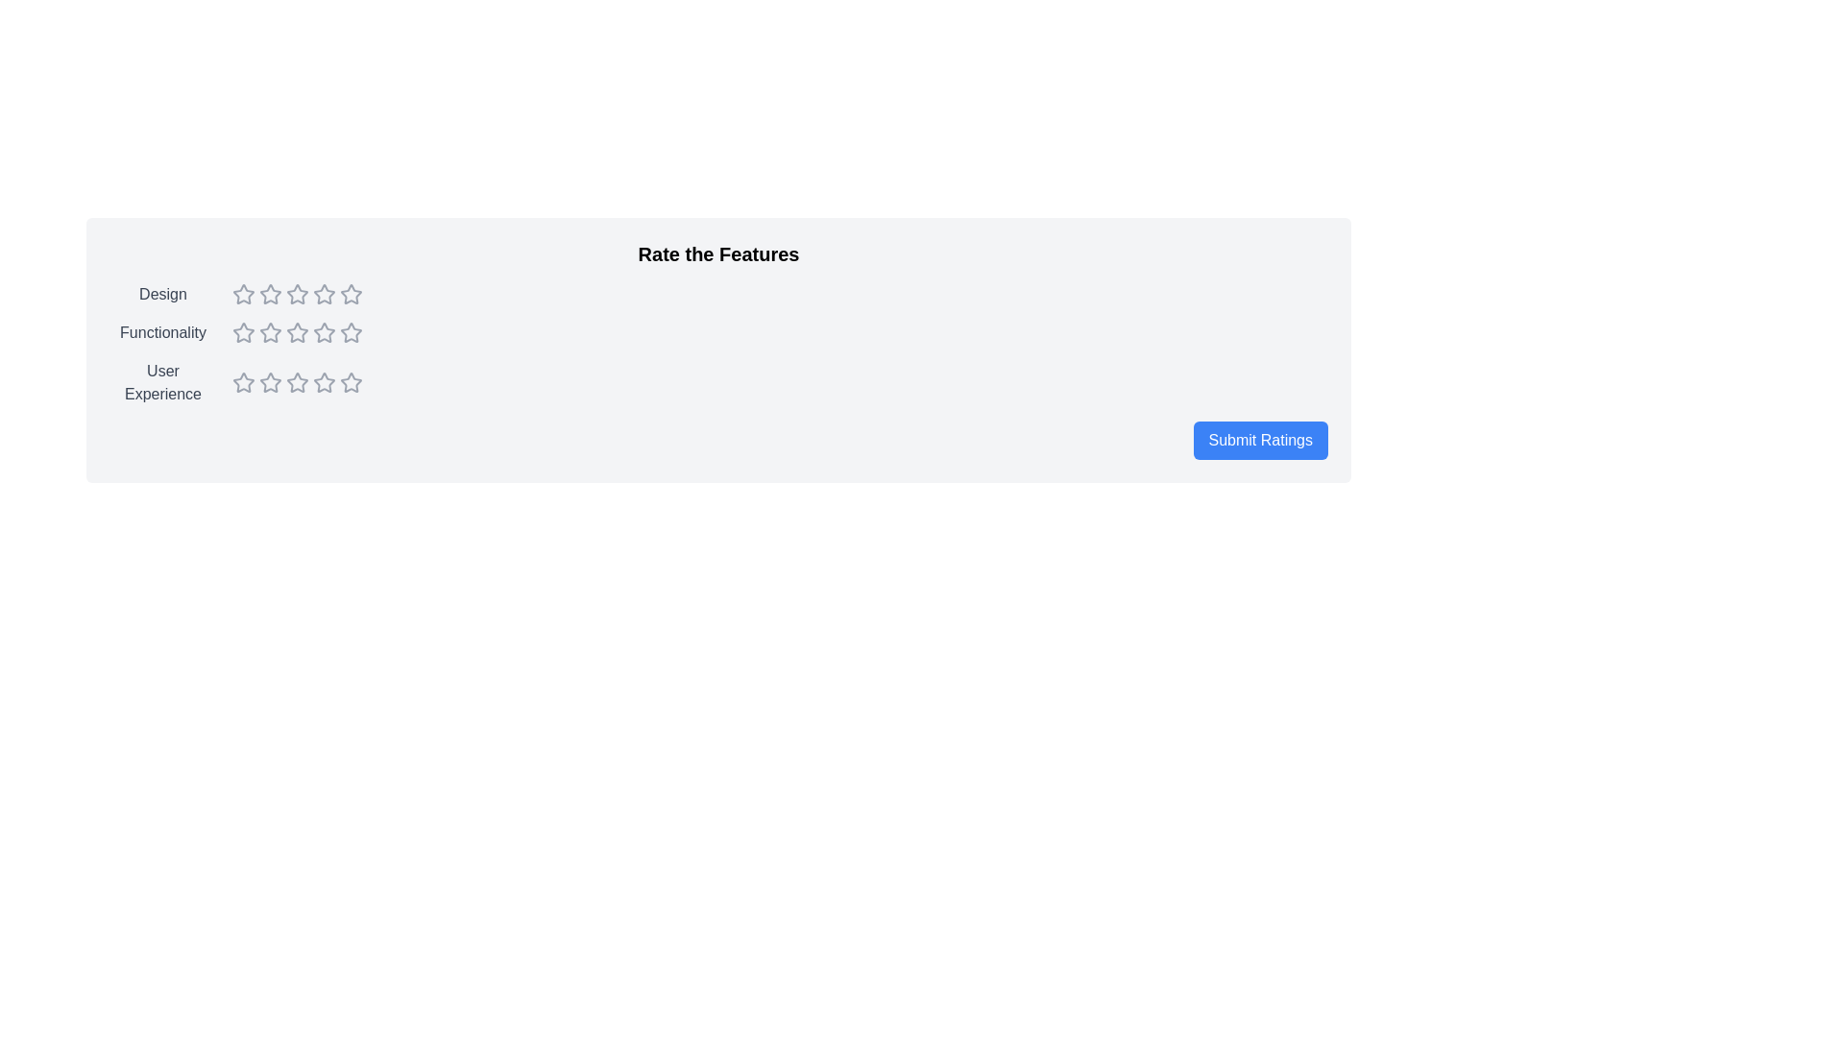  Describe the element at coordinates (297, 295) in the screenshot. I see `the fourth star icon in the rating system` at that location.